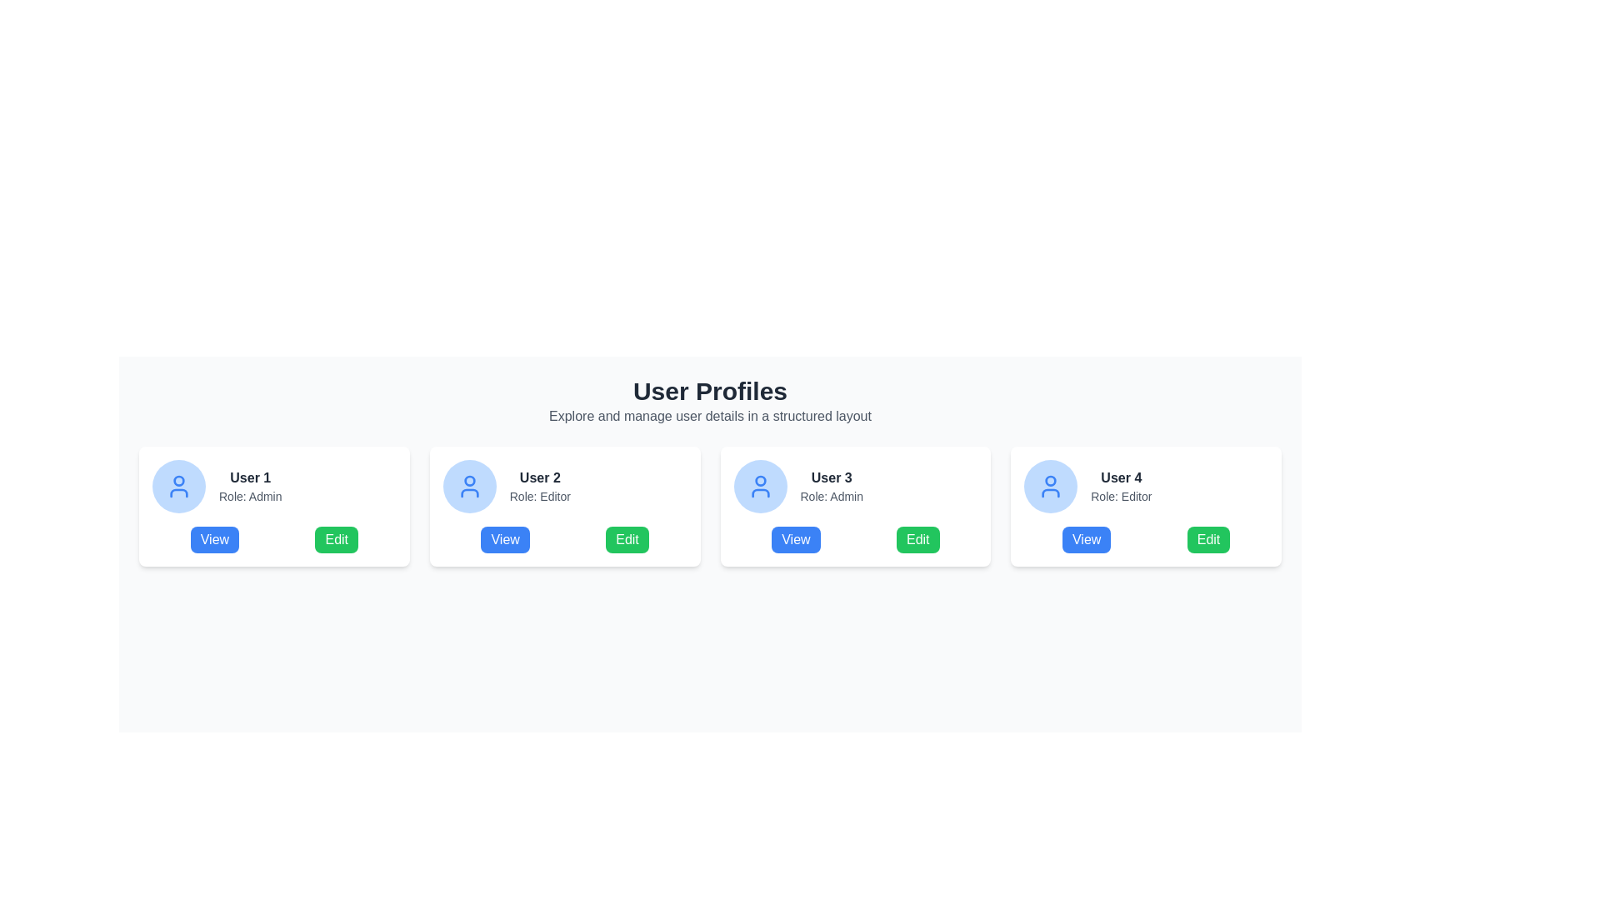 This screenshot has height=900, width=1600. What do you see at coordinates (759, 486) in the screenshot?
I see `the user silhouette icon in light blue color located at the upper-left portion of the third user profile card` at bounding box center [759, 486].